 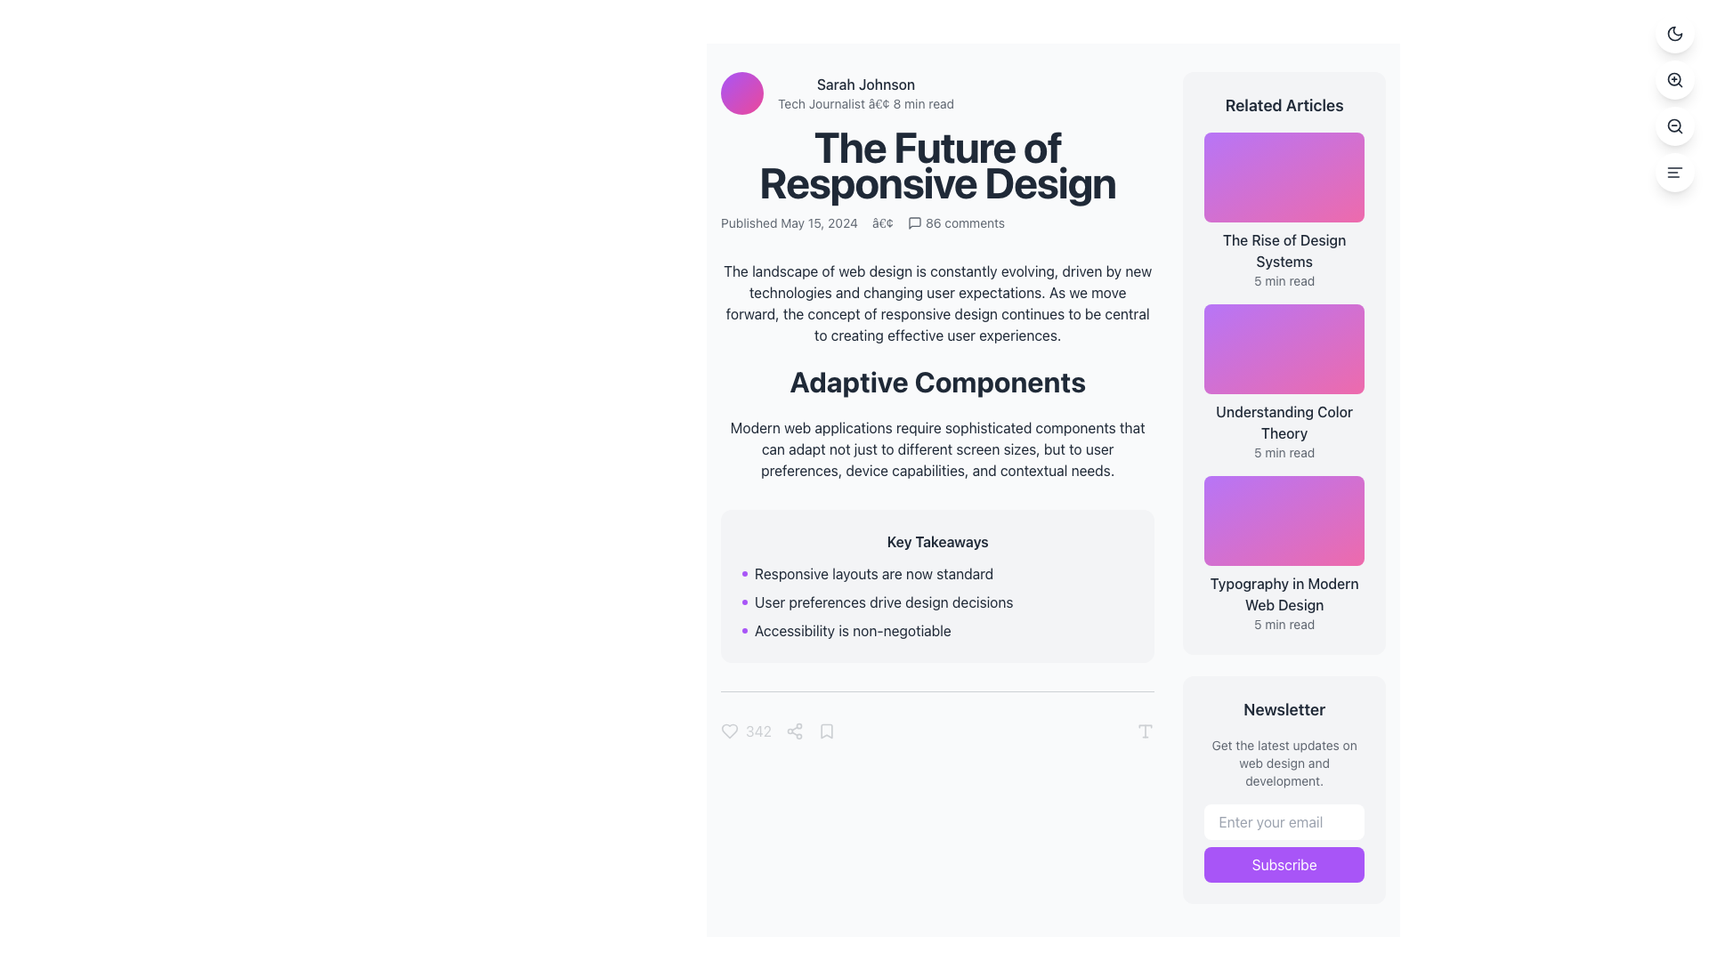 What do you see at coordinates (793, 731) in the screenshot?
I see `the icon-based button represented by a connected dots symbol for sharing, which is the second button from the left in a horizontal group at the bottom of an article, to potentially see a tooltip or UI feedback` at bounding box center [793, 731].